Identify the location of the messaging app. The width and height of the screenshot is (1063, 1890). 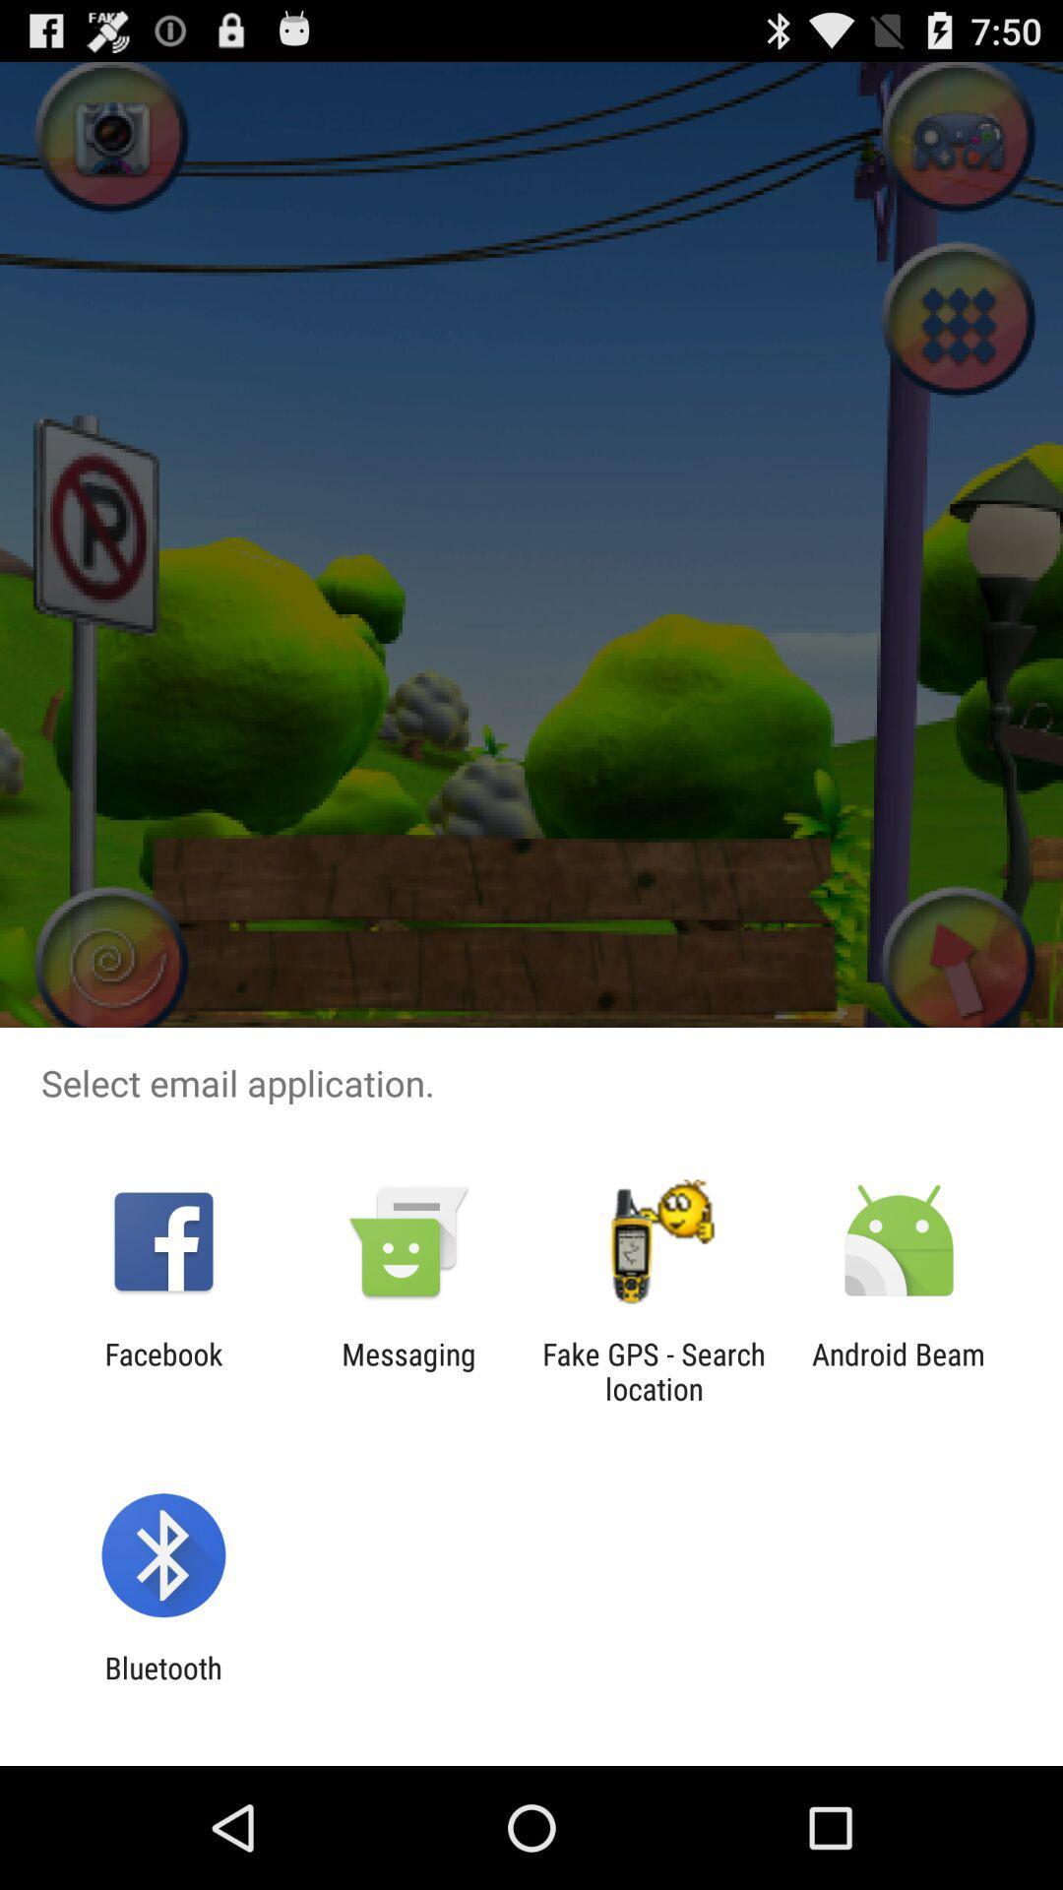
(407, 1370).